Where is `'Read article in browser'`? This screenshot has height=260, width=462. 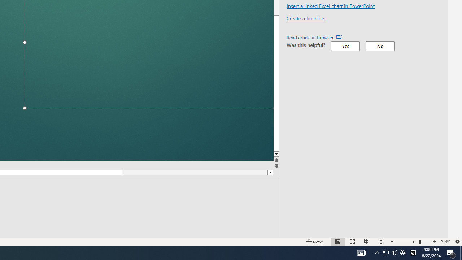 'Read article in browser' is located at coordinates (314, 37).